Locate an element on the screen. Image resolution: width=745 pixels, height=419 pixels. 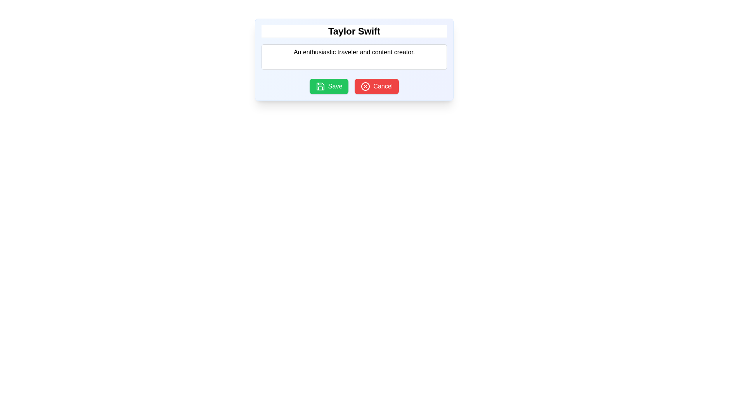
the save icon located on the left portion of the green 'Save' button, which is below the description text box and aligned to the left of the red 'Cancel' button is located at coordinates (320, 87).